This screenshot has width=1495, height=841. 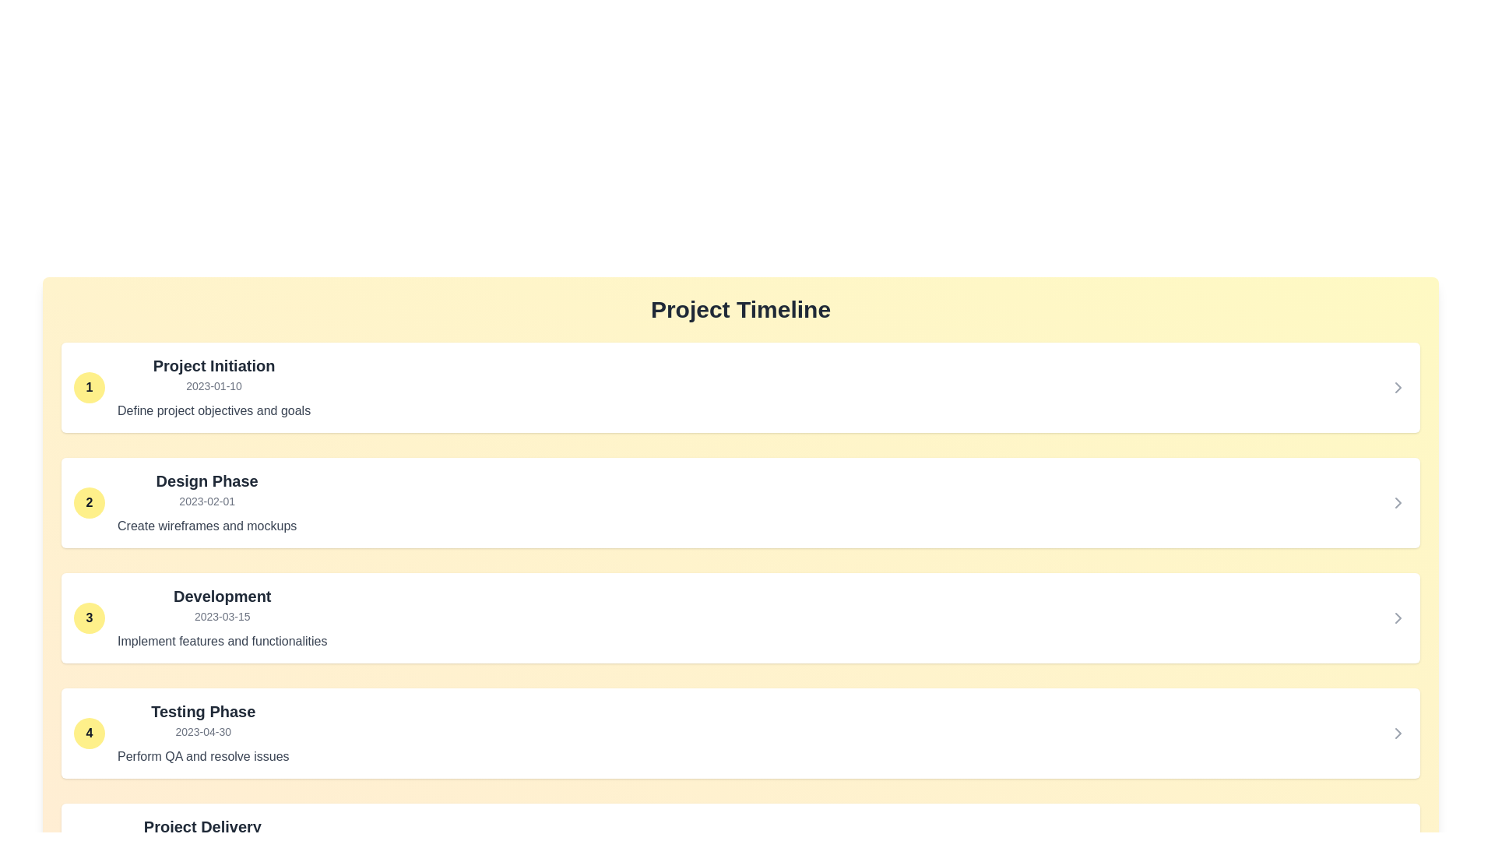 I want to click on the right-facing chevron icon styled in light gray, located at the far right of the 'Development' card, so click(x=1398, y=618).